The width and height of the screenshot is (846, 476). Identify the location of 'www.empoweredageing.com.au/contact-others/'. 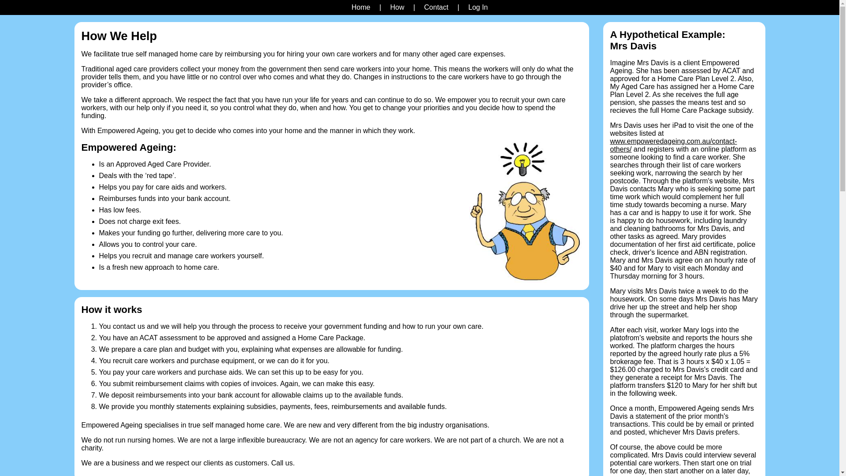
(672, 145).